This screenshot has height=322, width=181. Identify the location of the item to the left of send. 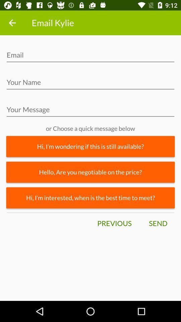
(114, 223).